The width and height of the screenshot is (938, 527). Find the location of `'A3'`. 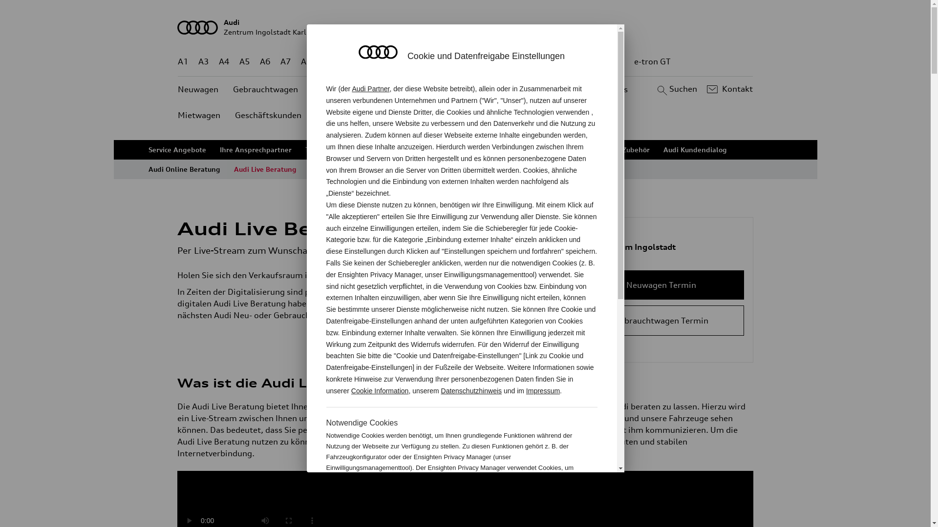

'A3' is located at coordinates (203, 61).